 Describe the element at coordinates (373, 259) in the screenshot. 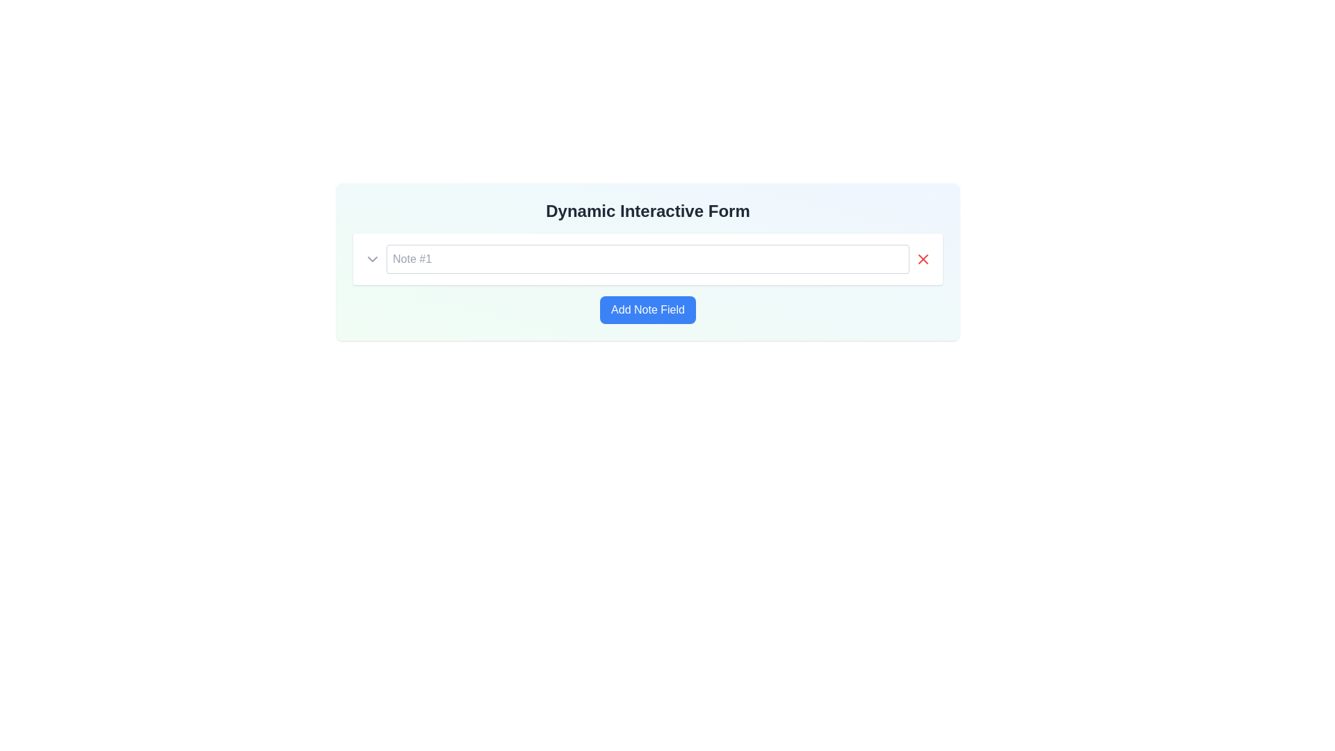

I see `the chevron icon located to the left of the 'Note #1' text field` at that location.